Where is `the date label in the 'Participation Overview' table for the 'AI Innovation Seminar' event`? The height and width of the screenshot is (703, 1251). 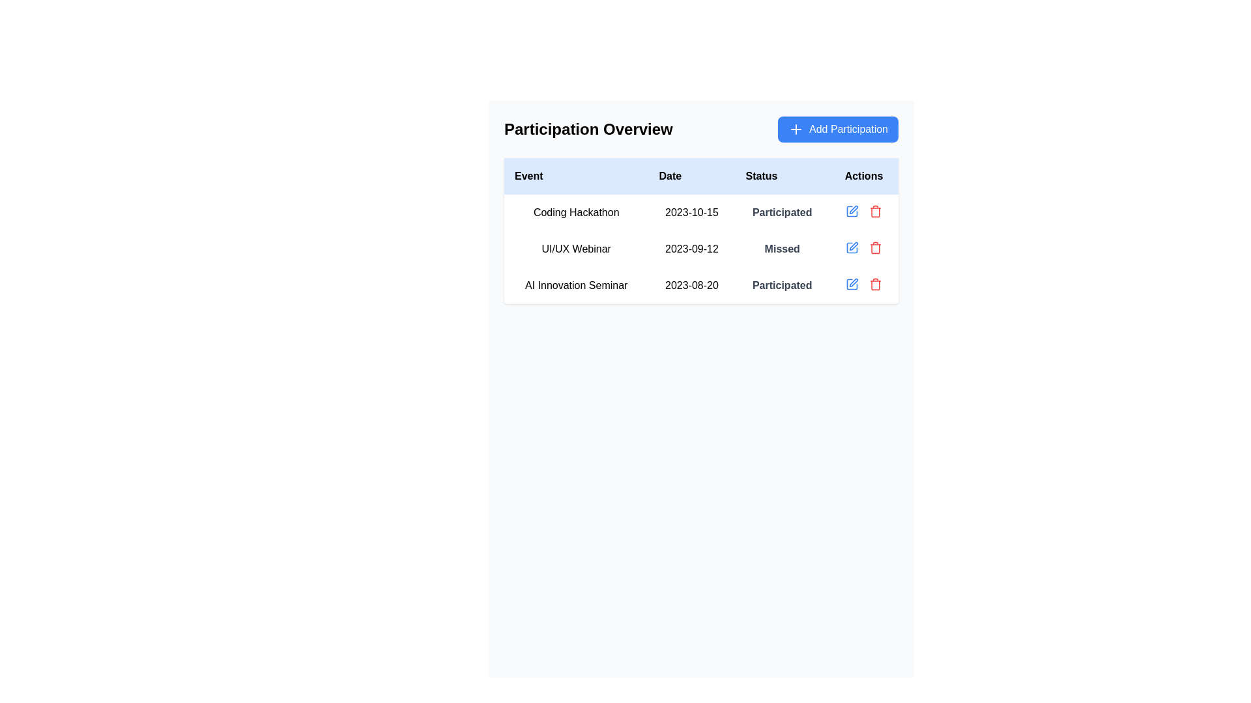
the date label in the 'Participation Overview' table for the 'AI Innovation Seminar' event is located at coordinates (691, 285).